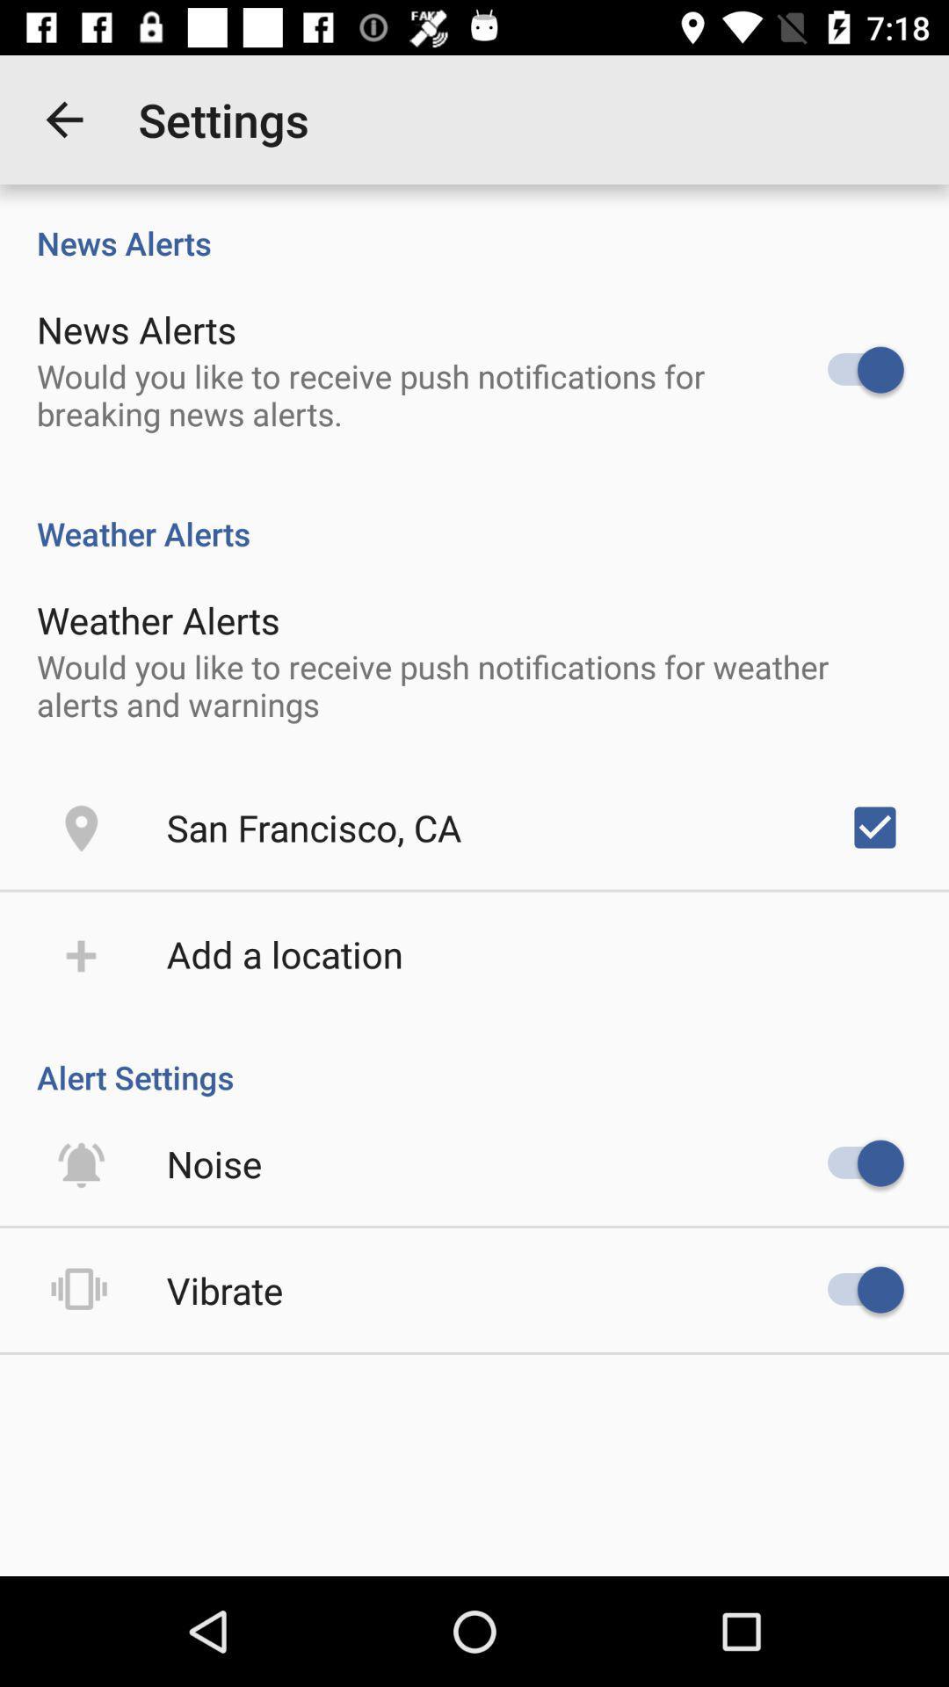 The image size is (949, 1687). Describe the element at coordinates (63, 119) in the screenshot. I see `the app to the left of settings` at that location.